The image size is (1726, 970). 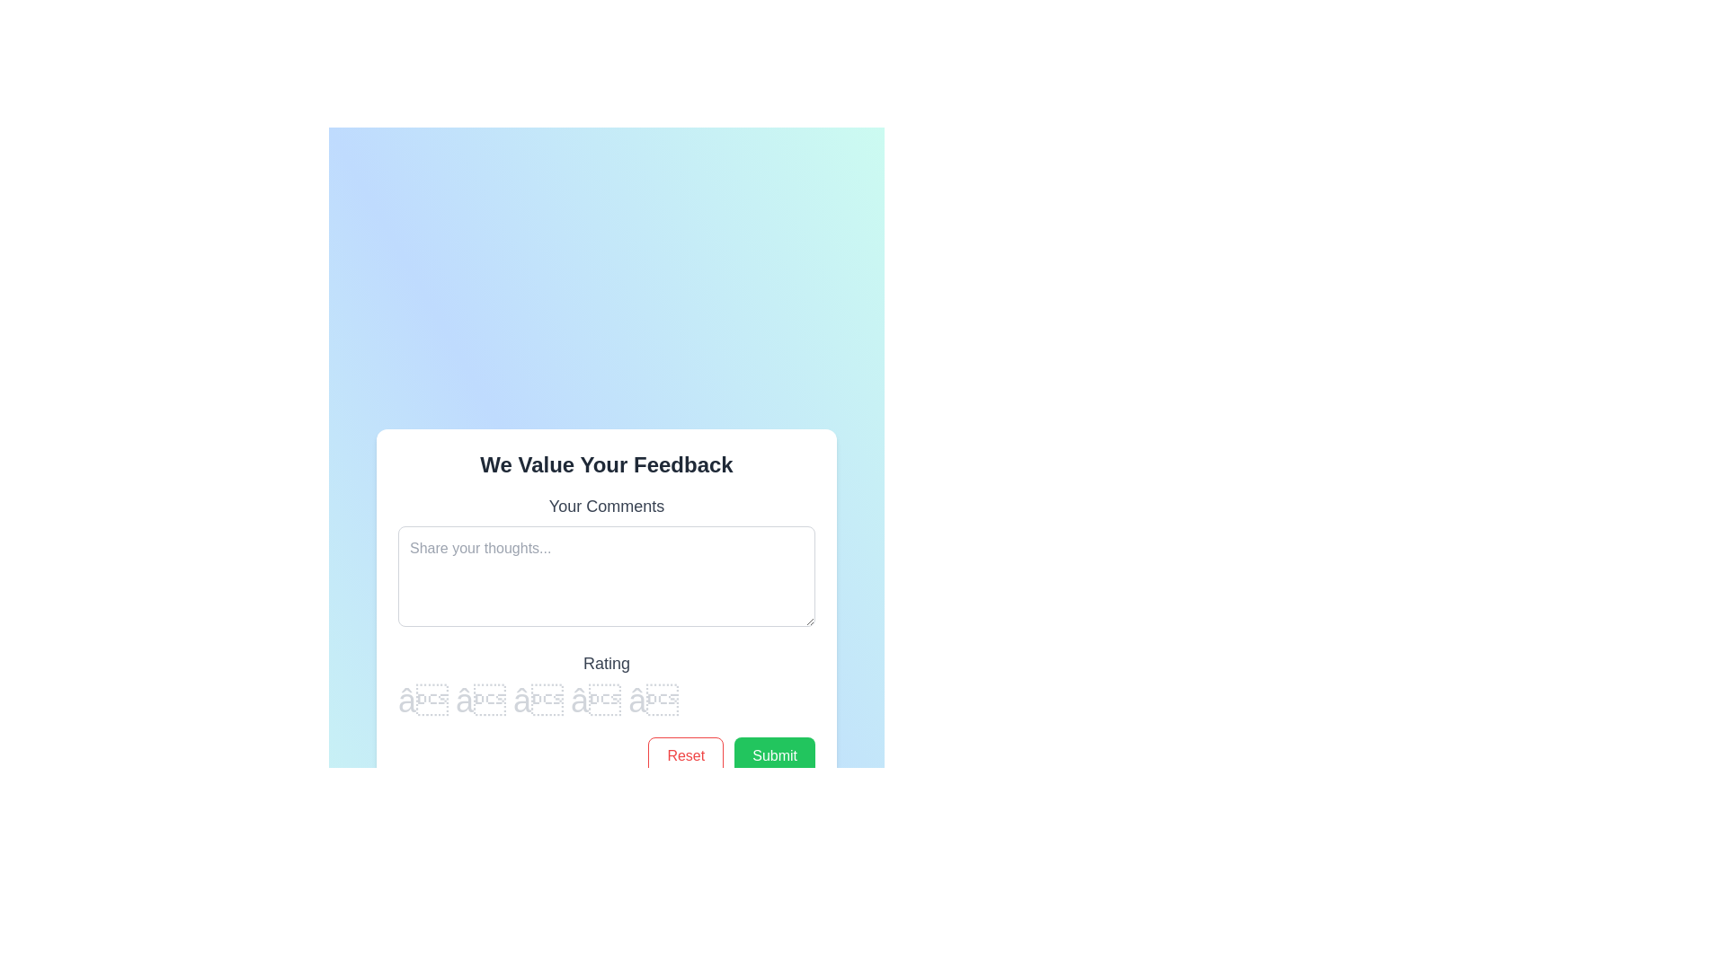 What do you see at coordinates (607, 663) in the screenshot?
I see `the text label that indicates the rating feature, which is positioned centrally above the star rating buttons` at bounding box center [607, 663].